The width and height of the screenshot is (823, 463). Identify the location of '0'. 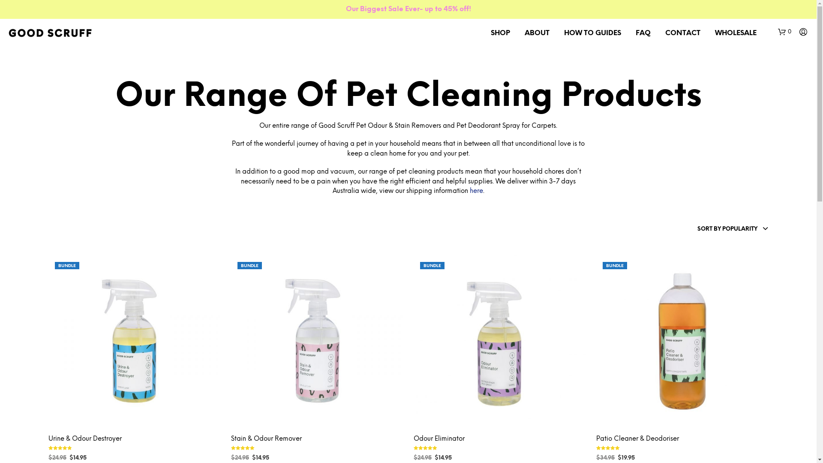
(784, 31).